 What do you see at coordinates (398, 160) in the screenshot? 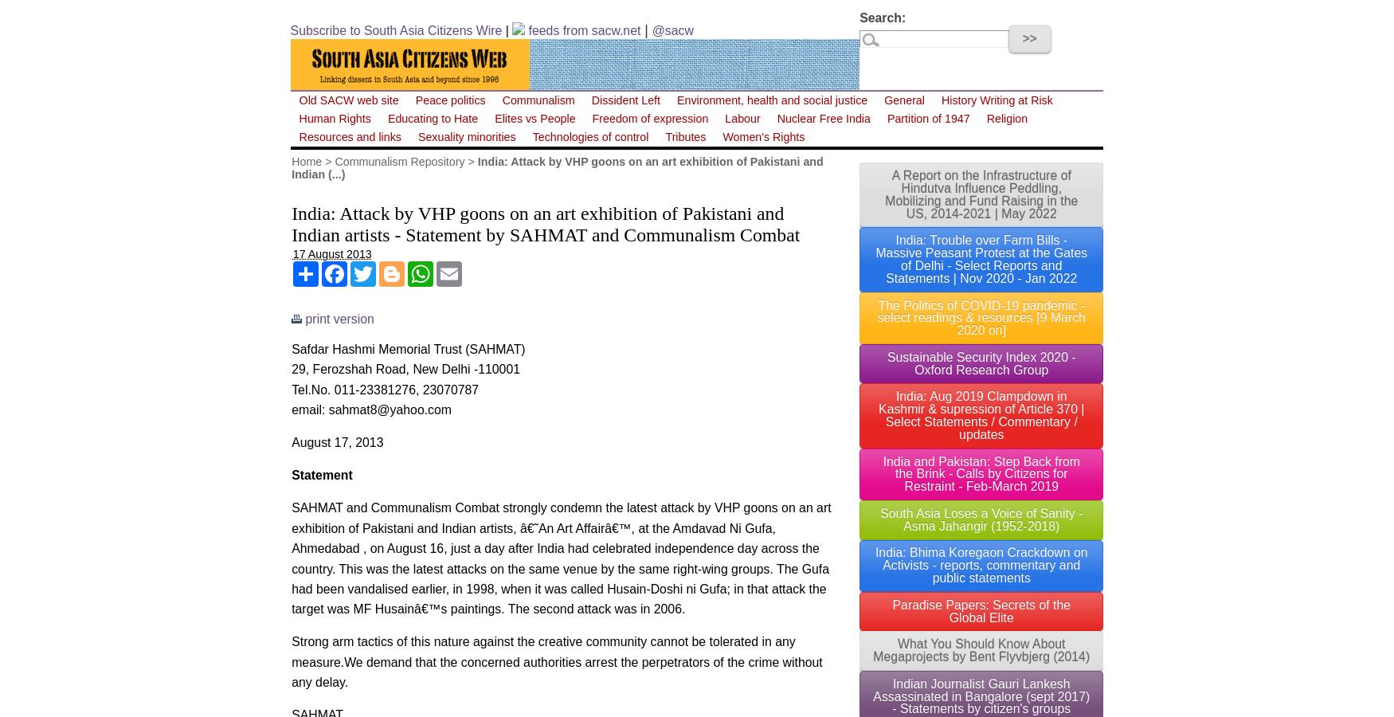
I see `'Communalism Repository'` at bounding box center [398, 160].